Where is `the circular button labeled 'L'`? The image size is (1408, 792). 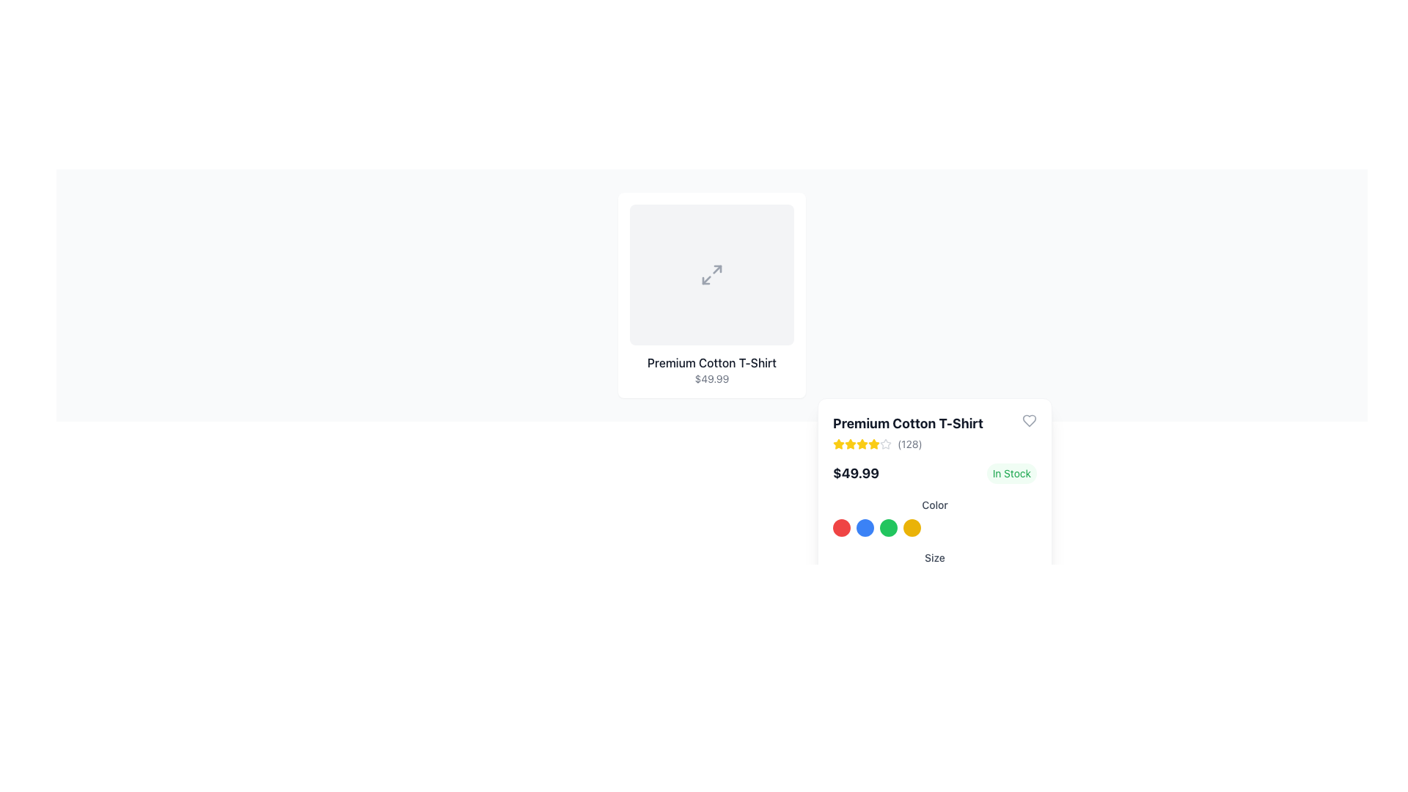 the circular button labeled 'L' is located at coordinates (932, 582).